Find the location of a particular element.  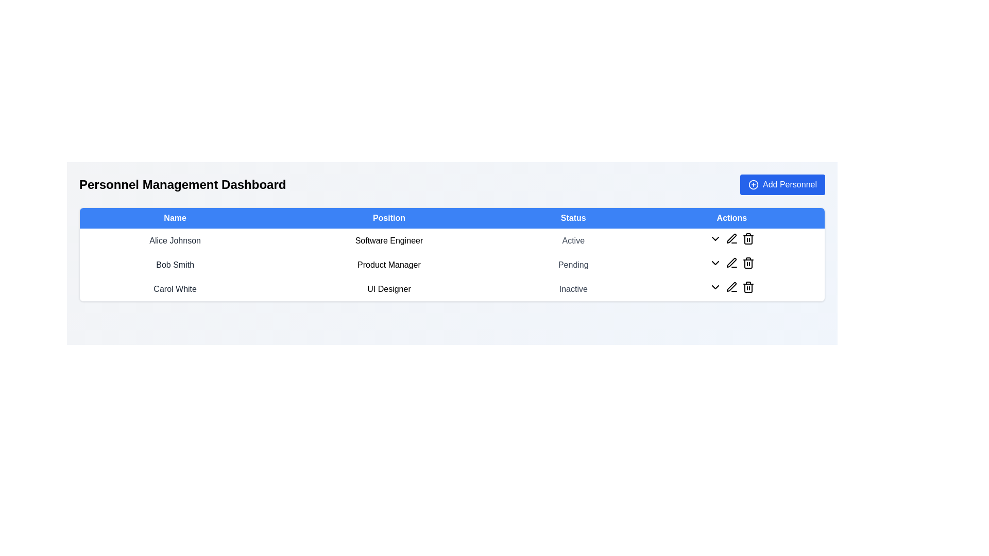

static text label displaying the status information for 'Carol White' in the 'Status' column, which indicates that the status is 'Inactive' is located at coordinates (573, 289).